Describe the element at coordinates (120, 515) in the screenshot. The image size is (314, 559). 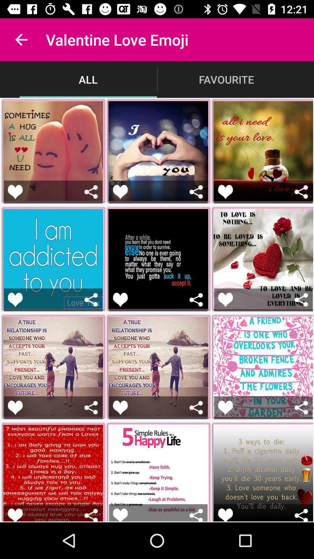
I see `favorite` at that location.